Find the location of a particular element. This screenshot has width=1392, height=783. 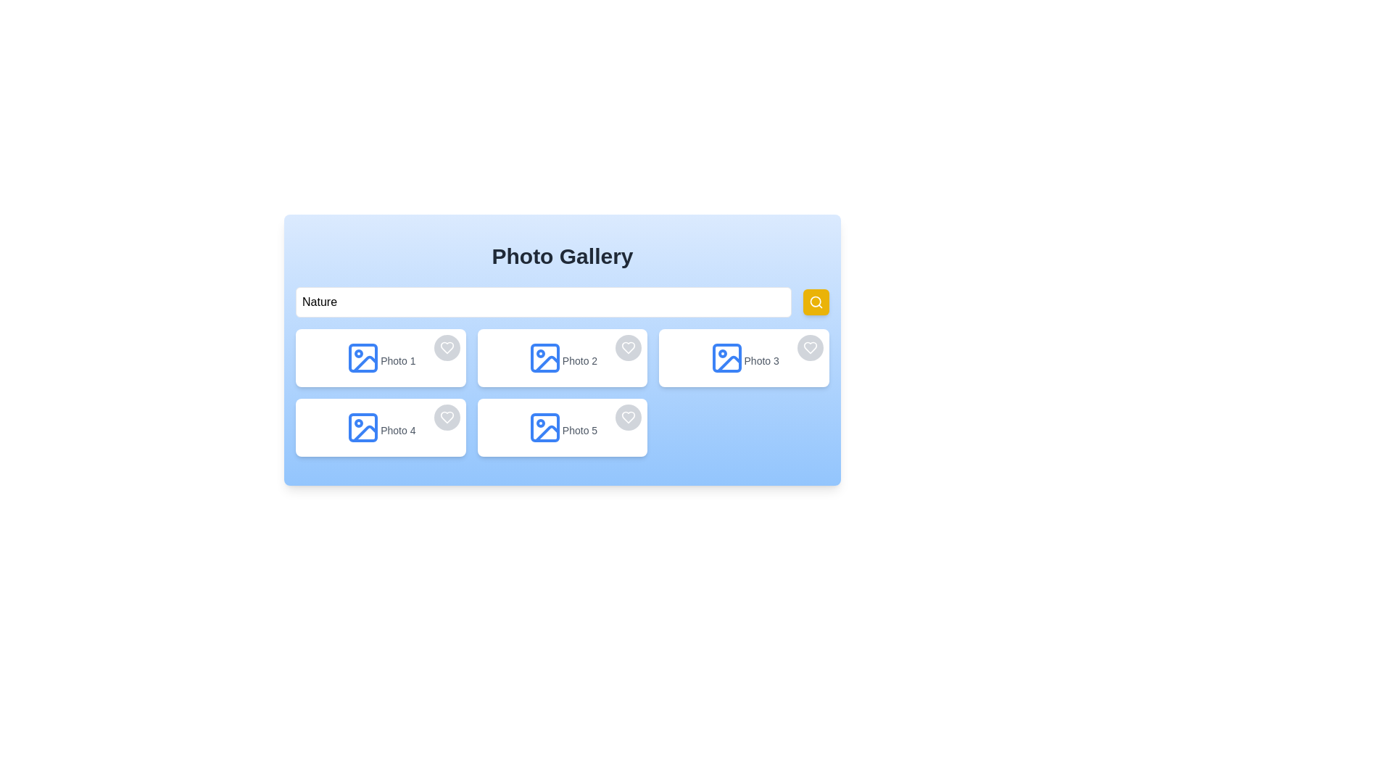

the text label displaying 'Photo 4' located below an image in the photo gallery grid for identification purposes is located at coordinates (398, 430).